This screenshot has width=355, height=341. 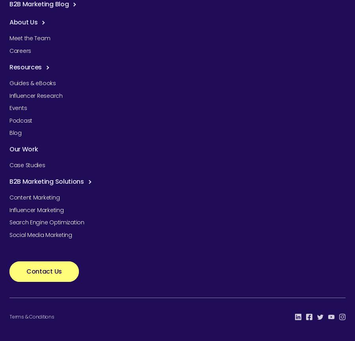 What do you see at coordinates (9, 82) in the screenshot?
I see `'Guides & eBooks'` at bounding box center [9, 82].